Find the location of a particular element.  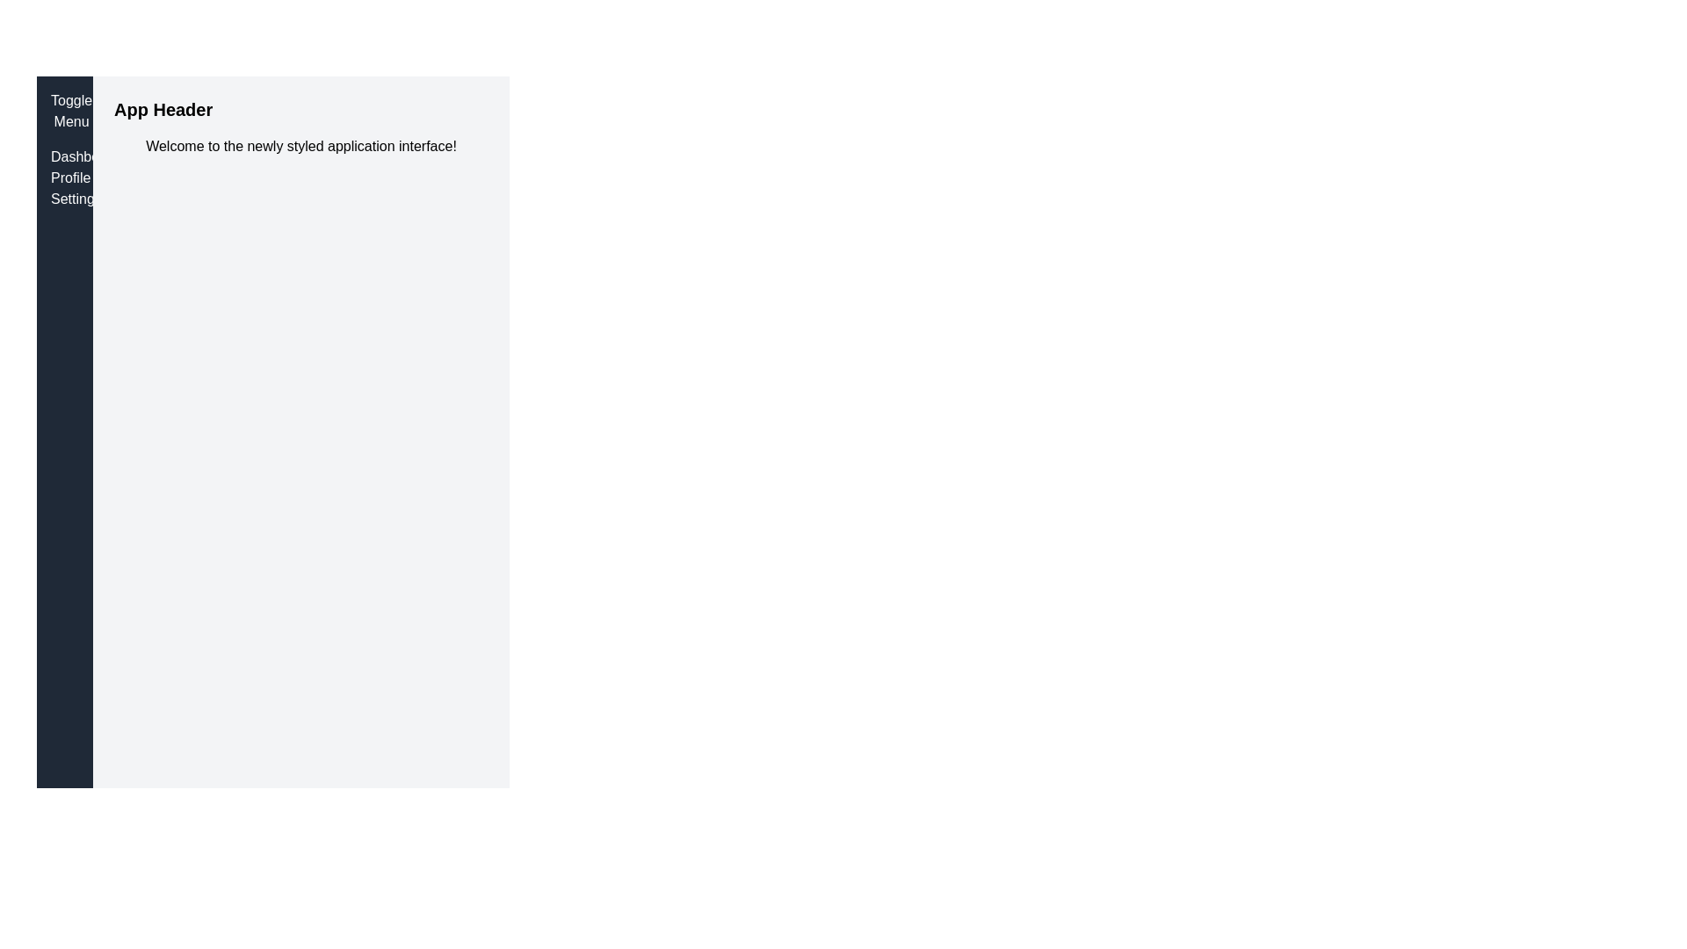

the 'Profile' text label in the sidebar, which serves as a navigation link for the Profile section is located at coordinates (64, 178).